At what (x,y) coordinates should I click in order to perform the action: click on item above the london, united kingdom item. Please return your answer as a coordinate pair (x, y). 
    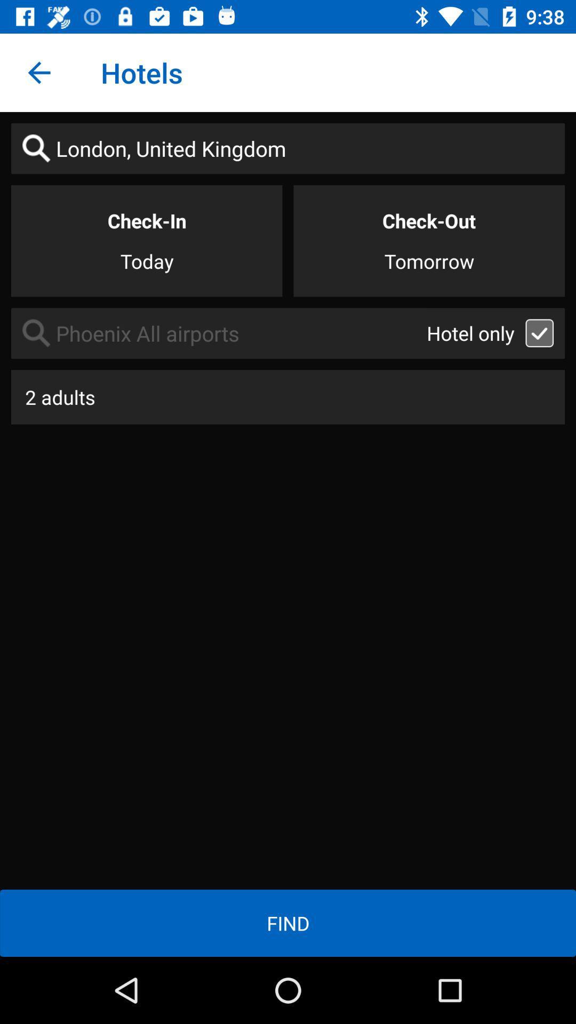
    Looking at the image, I should click on (38, 72).